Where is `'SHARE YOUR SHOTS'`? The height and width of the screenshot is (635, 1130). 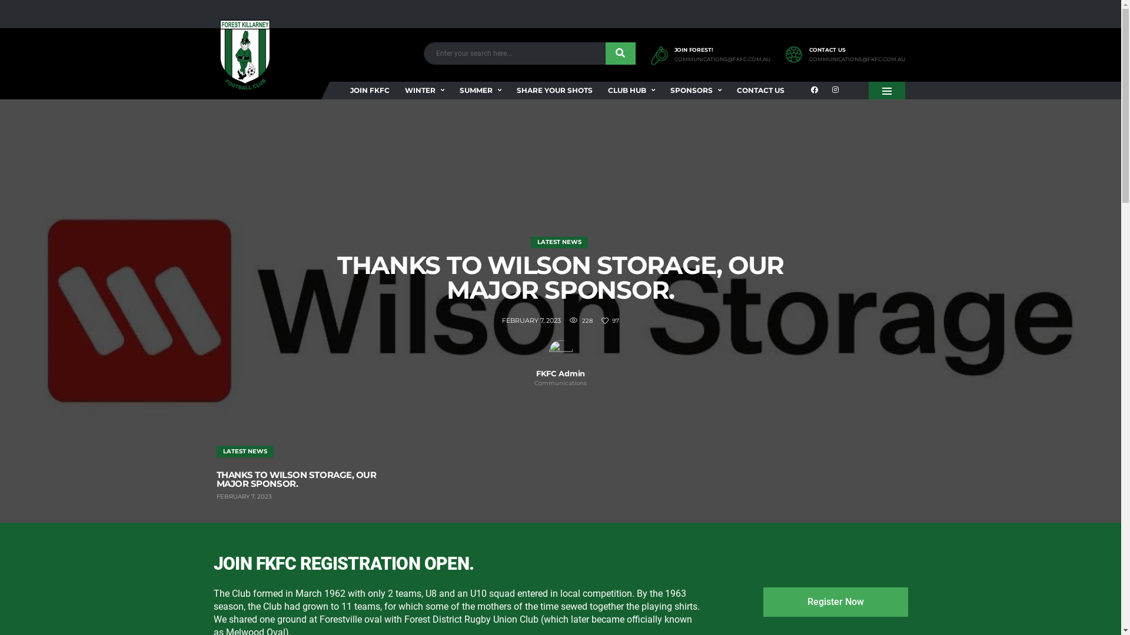 'SHARE YOUR SHOTS' is located at coordinates (507, 90).